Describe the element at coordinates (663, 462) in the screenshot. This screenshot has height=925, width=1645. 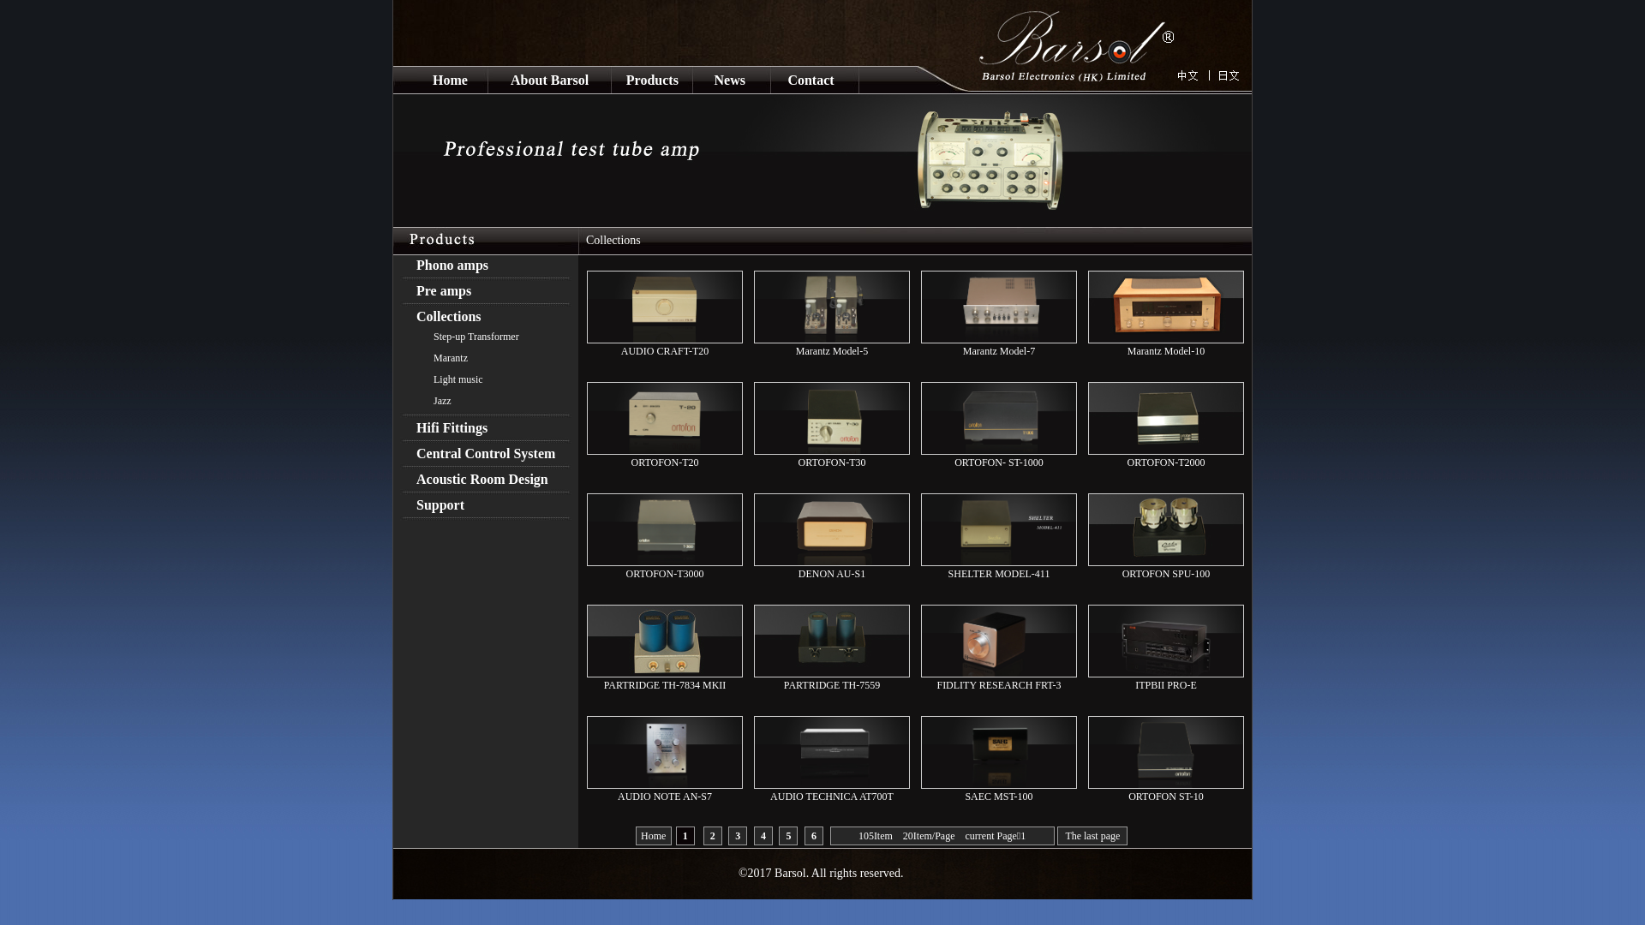
I see `'ORTOFON-T20'` at that location.